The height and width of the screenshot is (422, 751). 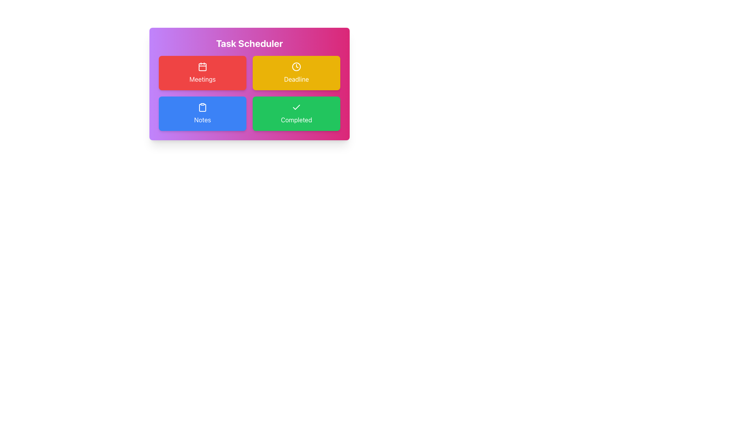 What do you see at coordinates (296, 66) in the screenshot?
I see `the circular graphic representing the 'Deadline' icon, which is part of a vector graphic icon with a yellow background, located in the top-right section of a four-icon grid` at bounding box center [296, 66].